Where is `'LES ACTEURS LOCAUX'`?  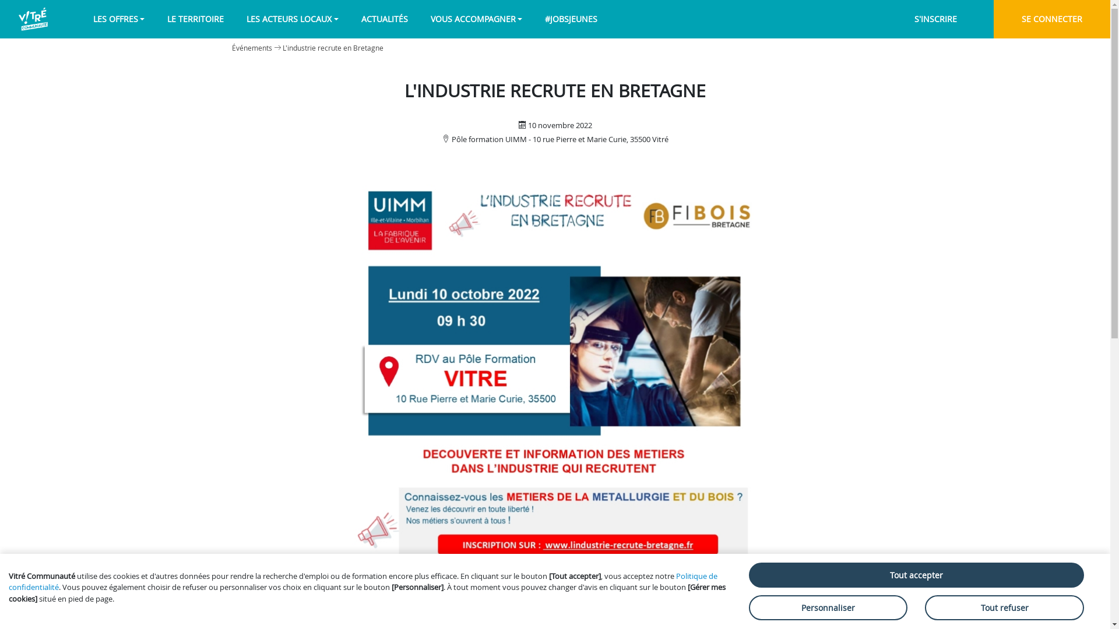 'LES ACTEURS LOCAUX' is located at coordinates (293, 19).